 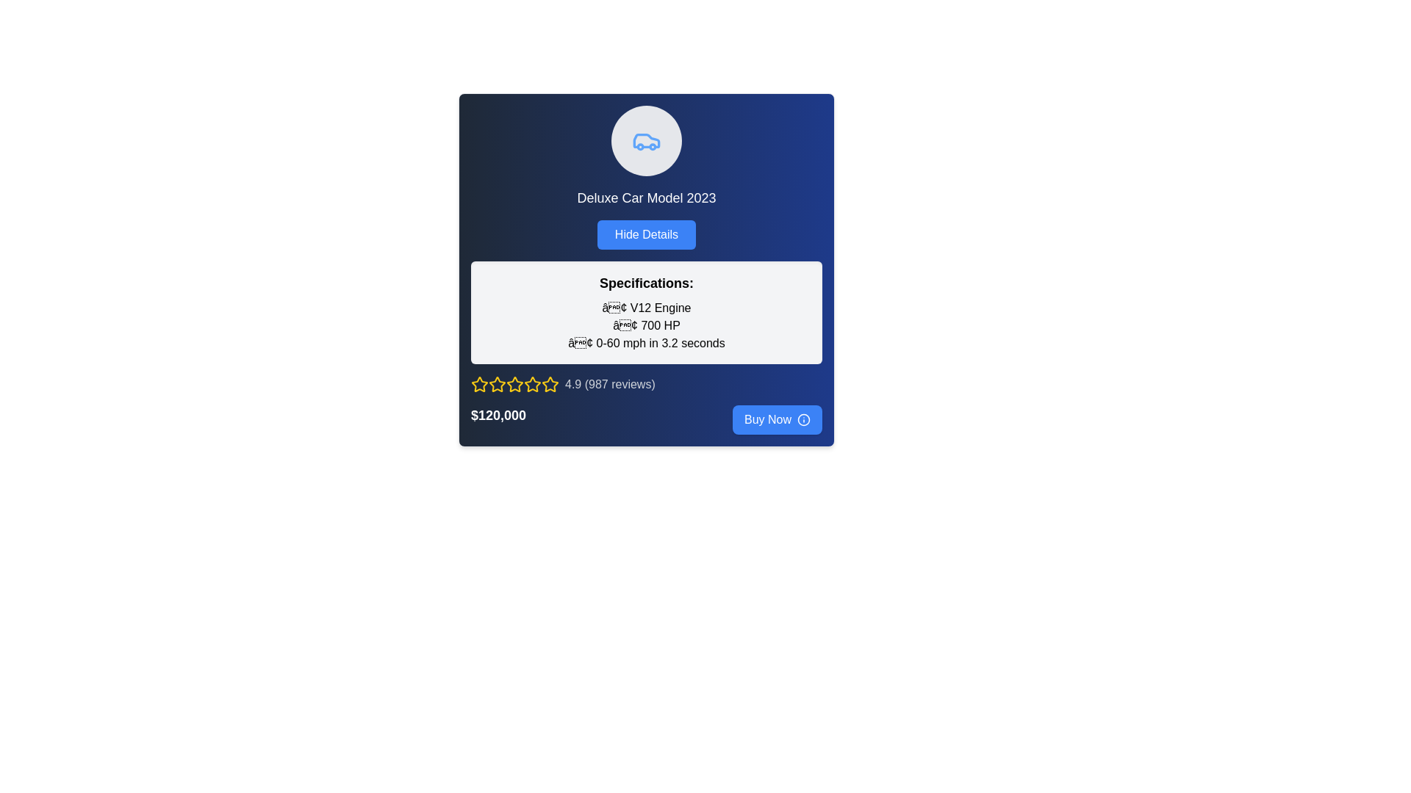 I want to click on the third yellow star icon in a row of five stars, located at the bottom part of the section with a title, specifications, and price, identifiable by the additional text '4.9 (987 reviews)', so click(x=514, y=384).